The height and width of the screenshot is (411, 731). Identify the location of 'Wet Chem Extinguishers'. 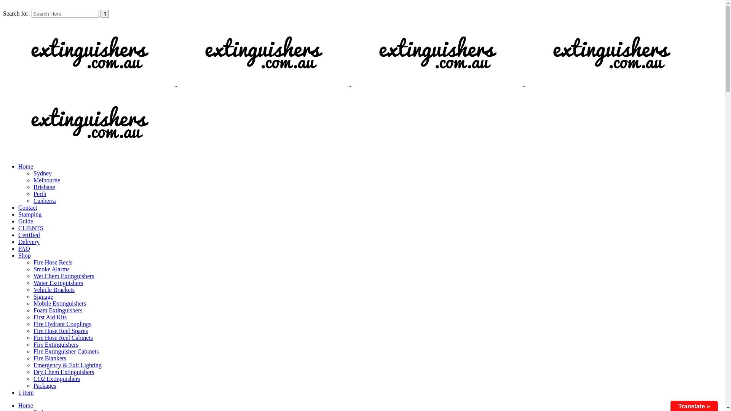
(64, 276).